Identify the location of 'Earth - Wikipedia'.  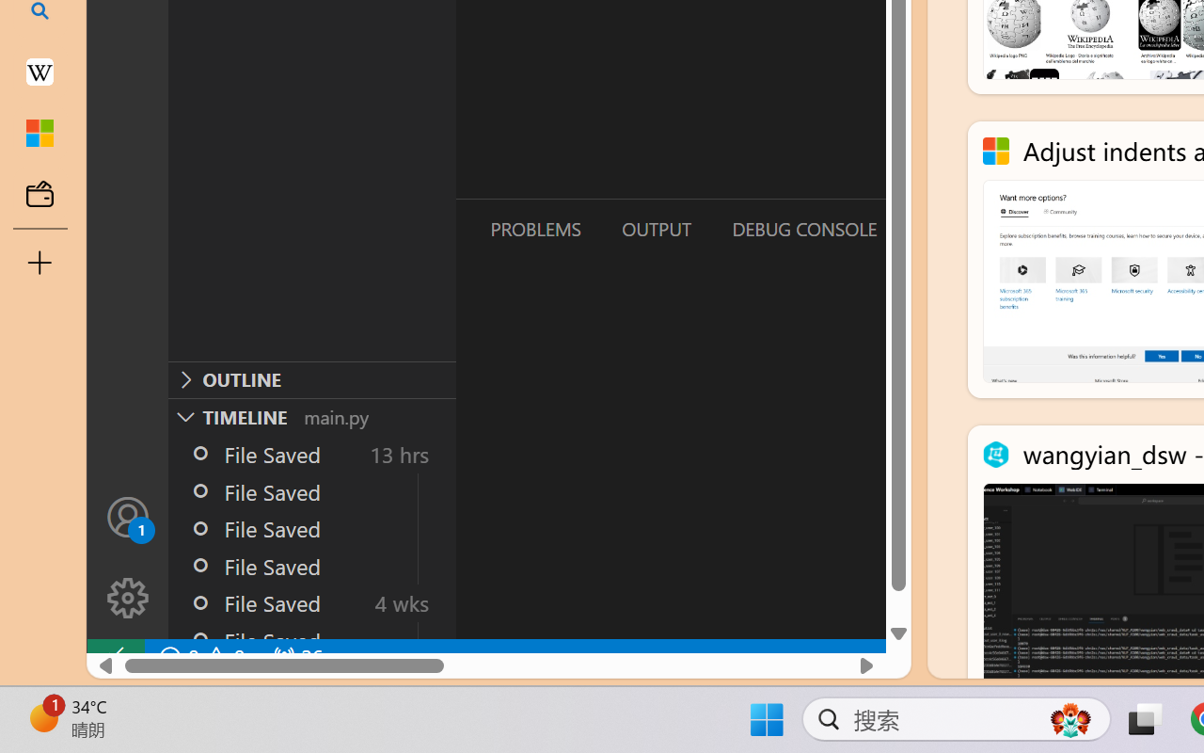
(40, 72).